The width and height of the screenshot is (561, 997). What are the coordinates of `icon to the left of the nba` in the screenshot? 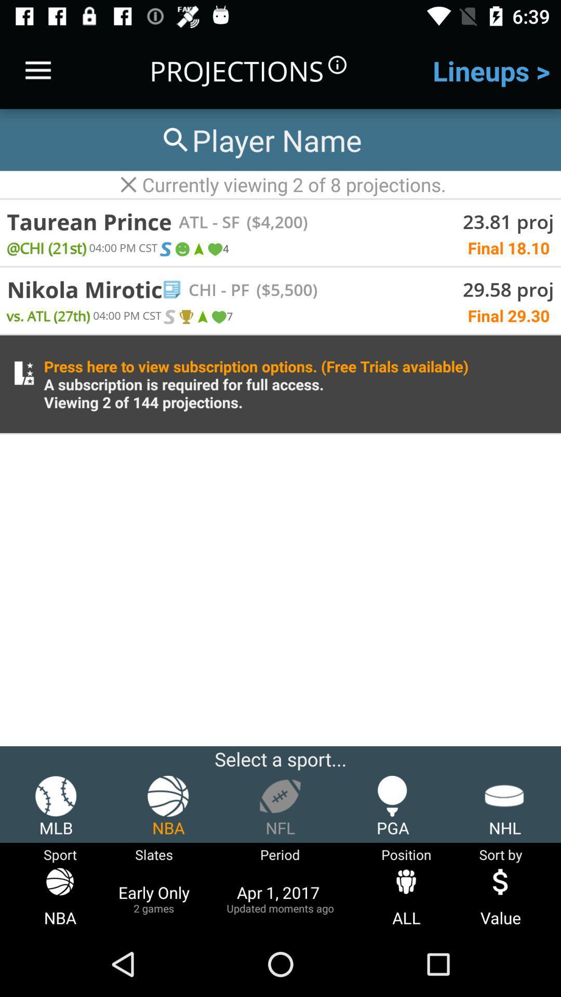 It's located at (56, 806).